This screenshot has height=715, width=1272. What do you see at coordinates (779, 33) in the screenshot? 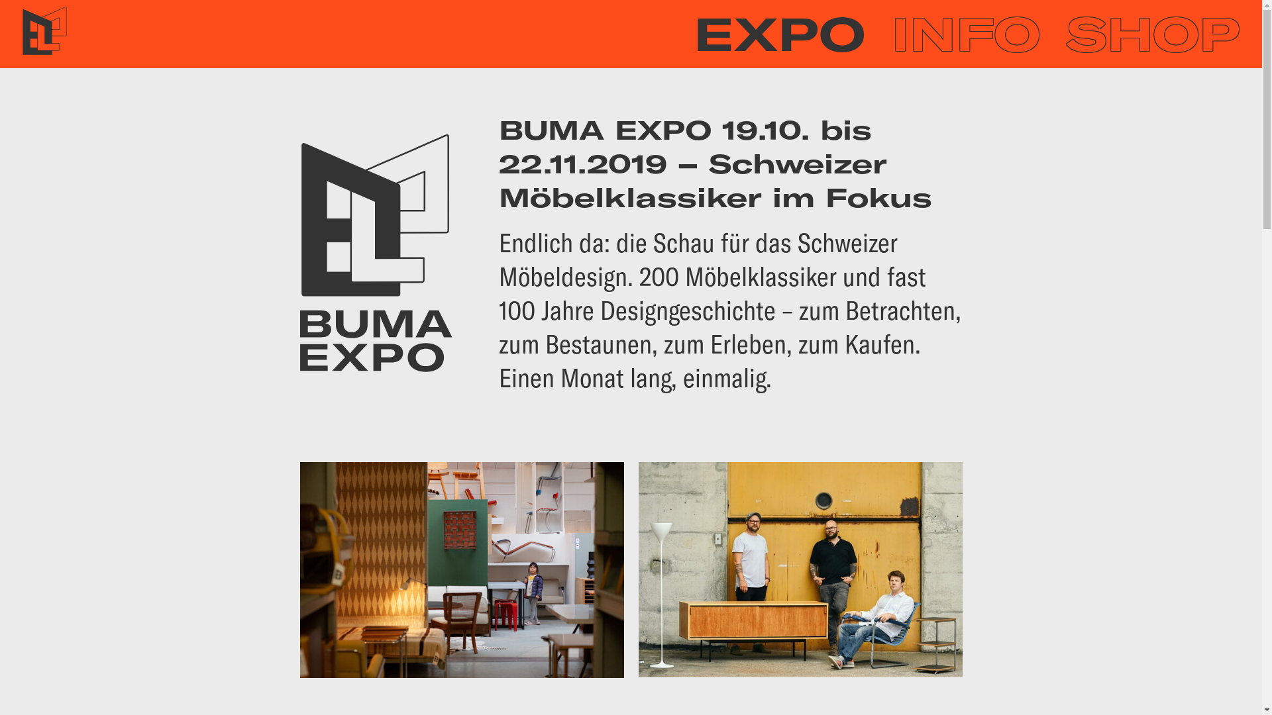
I see `'EXPO'` at bounding box center [779, 33].